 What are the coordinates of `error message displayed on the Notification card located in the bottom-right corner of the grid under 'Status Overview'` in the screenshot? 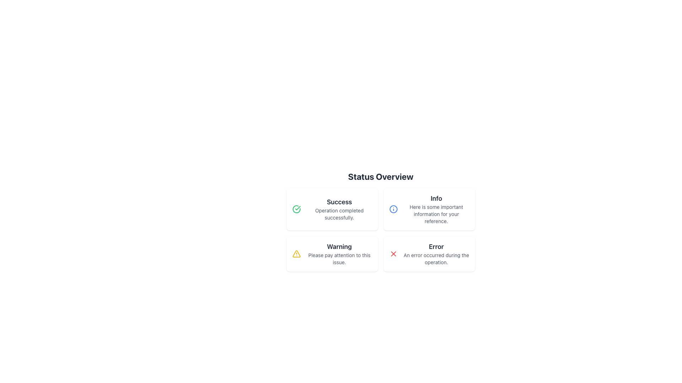 It's located at (429, 254).